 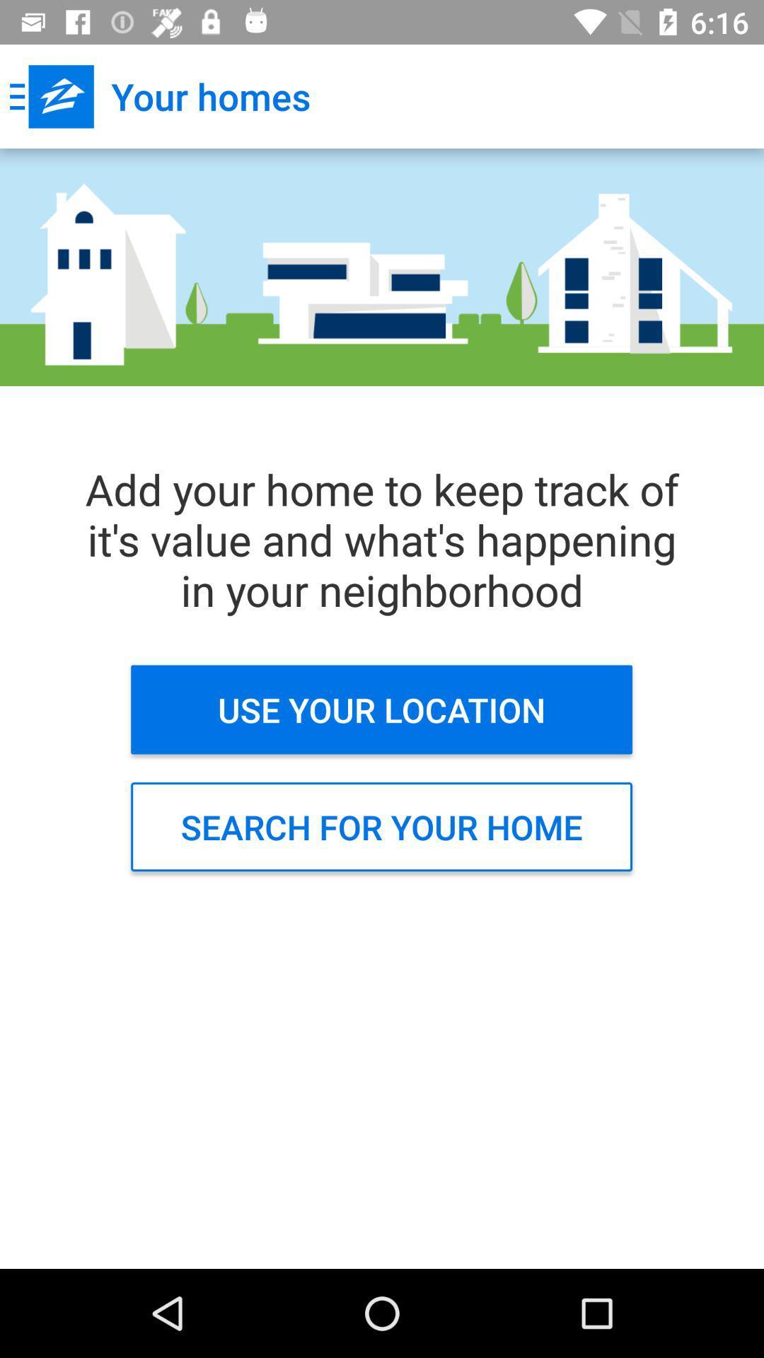 I want to click on the search for your icon, so click(x=381, y=827).